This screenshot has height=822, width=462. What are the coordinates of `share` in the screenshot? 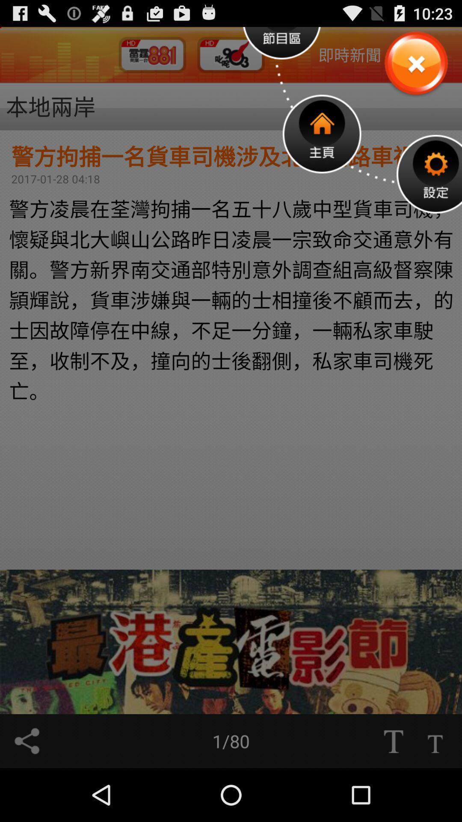 It's located at (26, 741).